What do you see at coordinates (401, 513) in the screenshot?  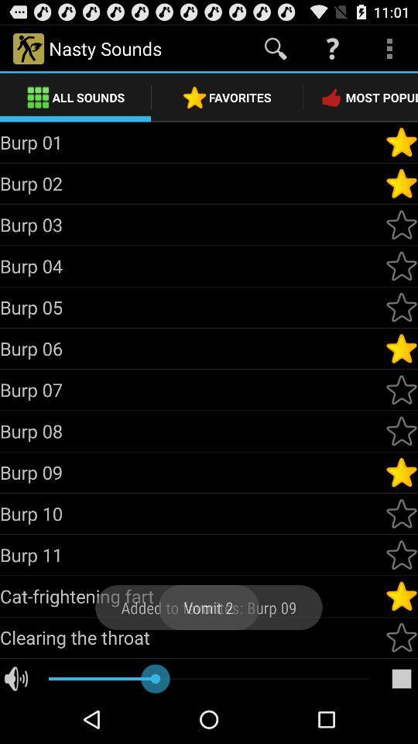 I see `favorite` at bounding box center [401, 513].